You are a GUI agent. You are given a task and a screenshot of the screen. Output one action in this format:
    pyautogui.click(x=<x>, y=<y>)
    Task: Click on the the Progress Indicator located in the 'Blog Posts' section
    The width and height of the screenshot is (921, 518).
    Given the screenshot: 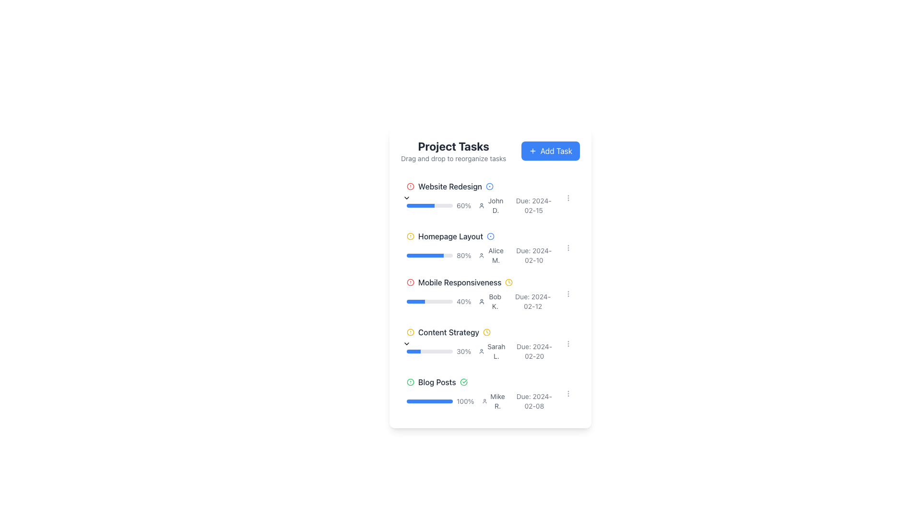 What is the action you would take?
    pyautogui.click(x=440, y=401)
    